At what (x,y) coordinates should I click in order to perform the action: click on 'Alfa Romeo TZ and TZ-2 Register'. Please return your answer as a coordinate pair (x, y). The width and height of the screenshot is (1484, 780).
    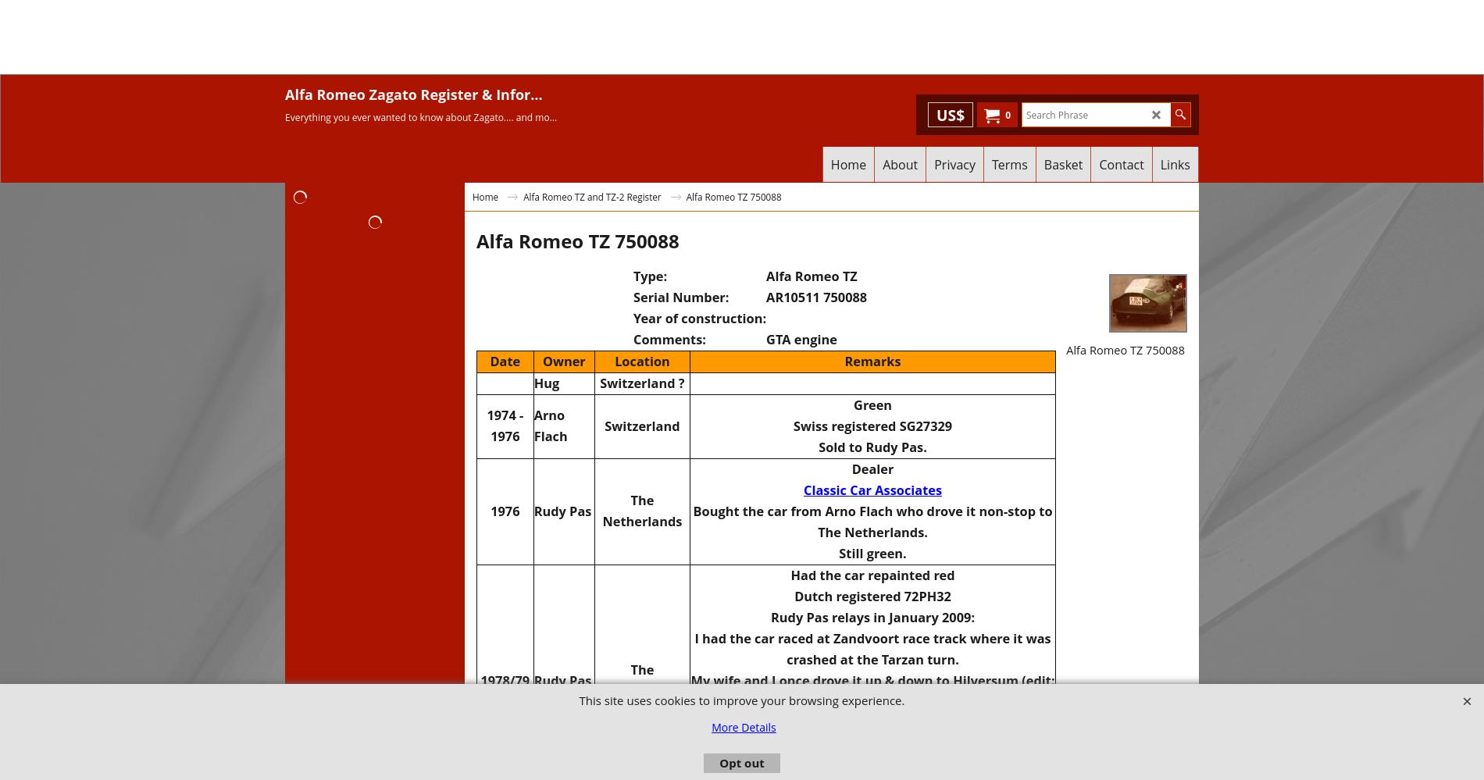
    Looking at the image, I should click on (590, 197).